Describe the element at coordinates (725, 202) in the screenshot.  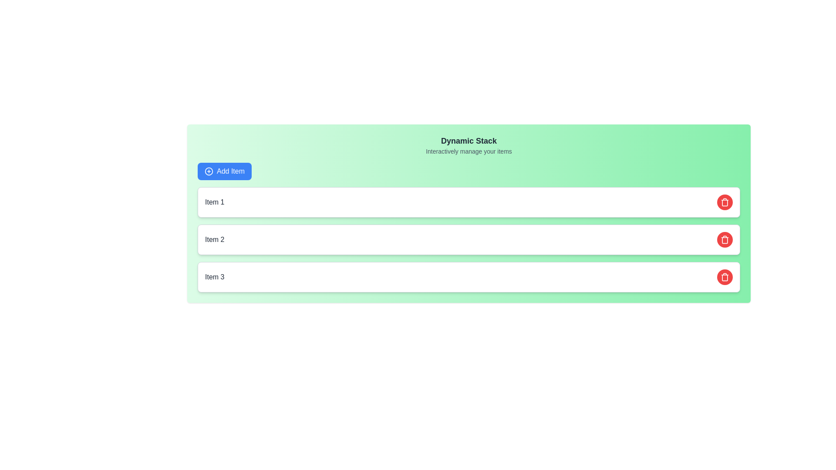
I see `the trash can icon button with a red circular background` at that location.